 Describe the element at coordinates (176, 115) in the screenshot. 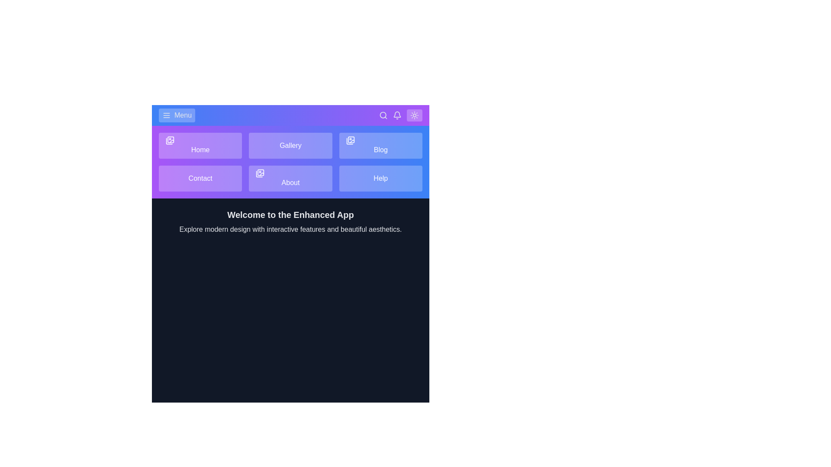

I see `menu button to toggle the menu visibility` at that location.